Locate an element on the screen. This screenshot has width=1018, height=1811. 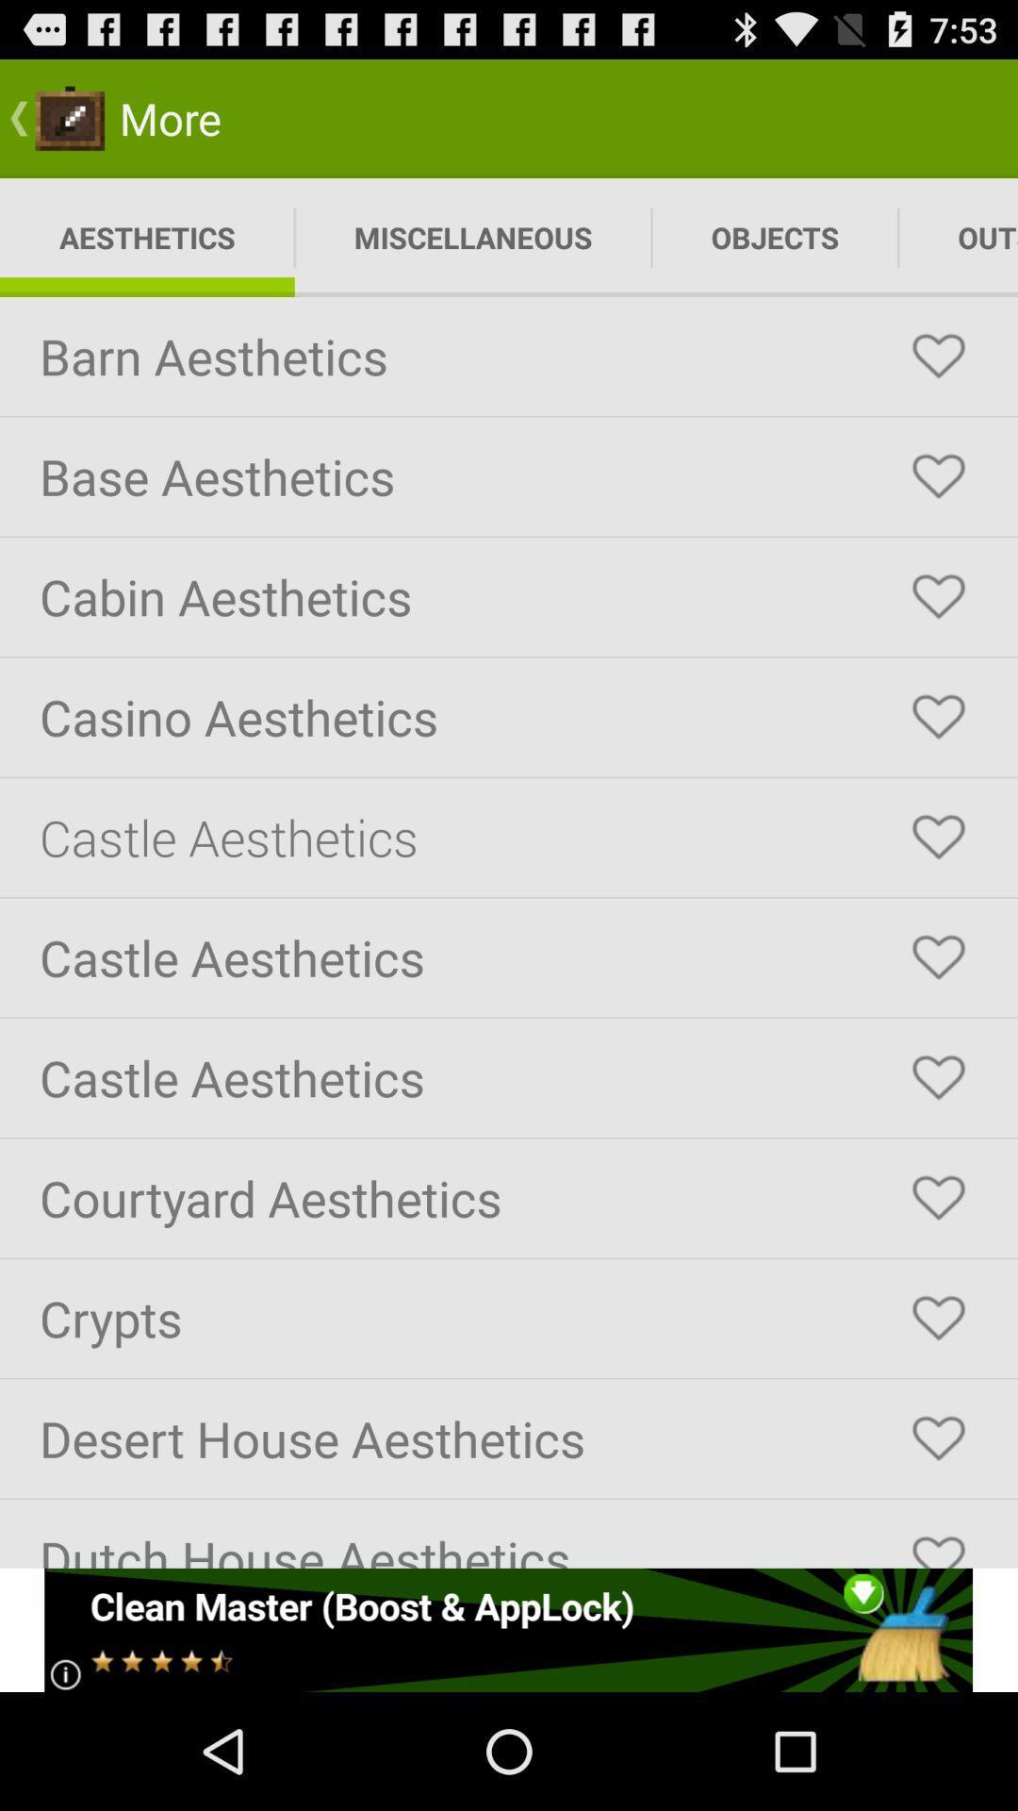
cabin aesthetics is located at coordinates (938, 596).